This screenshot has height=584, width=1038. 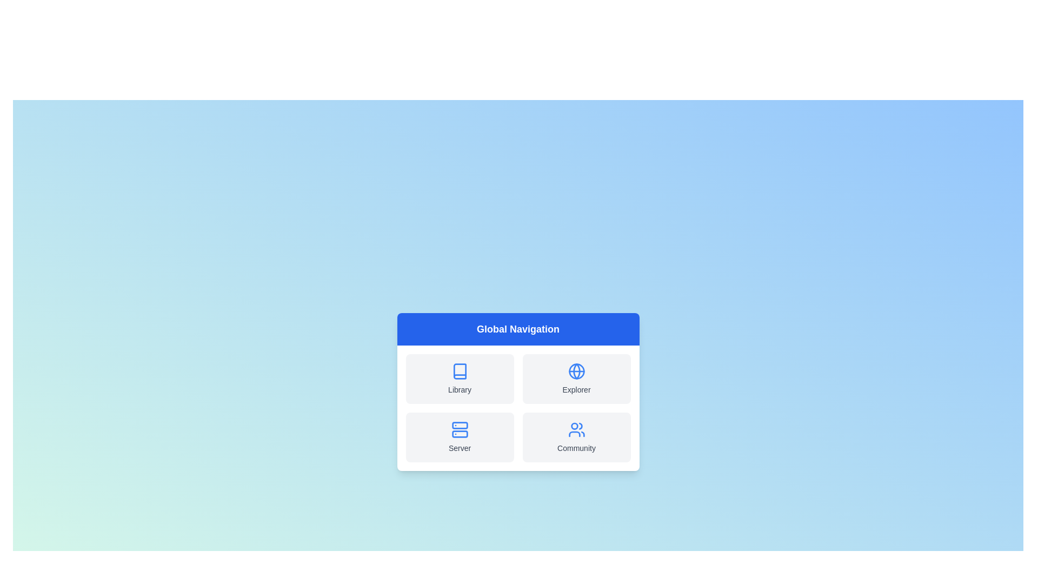 I want to click on the Server navigation option, so click(x=460, y=437).